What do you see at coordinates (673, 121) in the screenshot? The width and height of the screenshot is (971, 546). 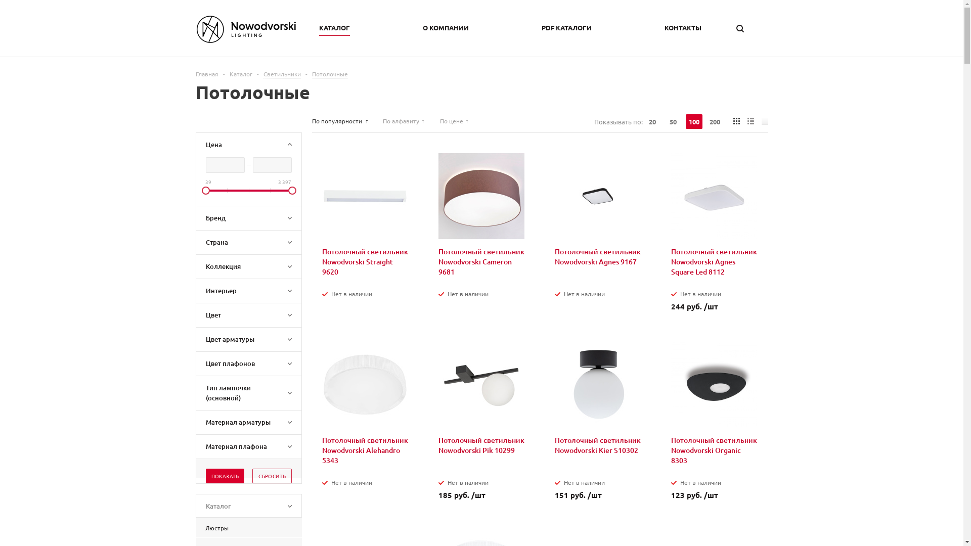 I see `'50'` at bounding box center [673, 121].